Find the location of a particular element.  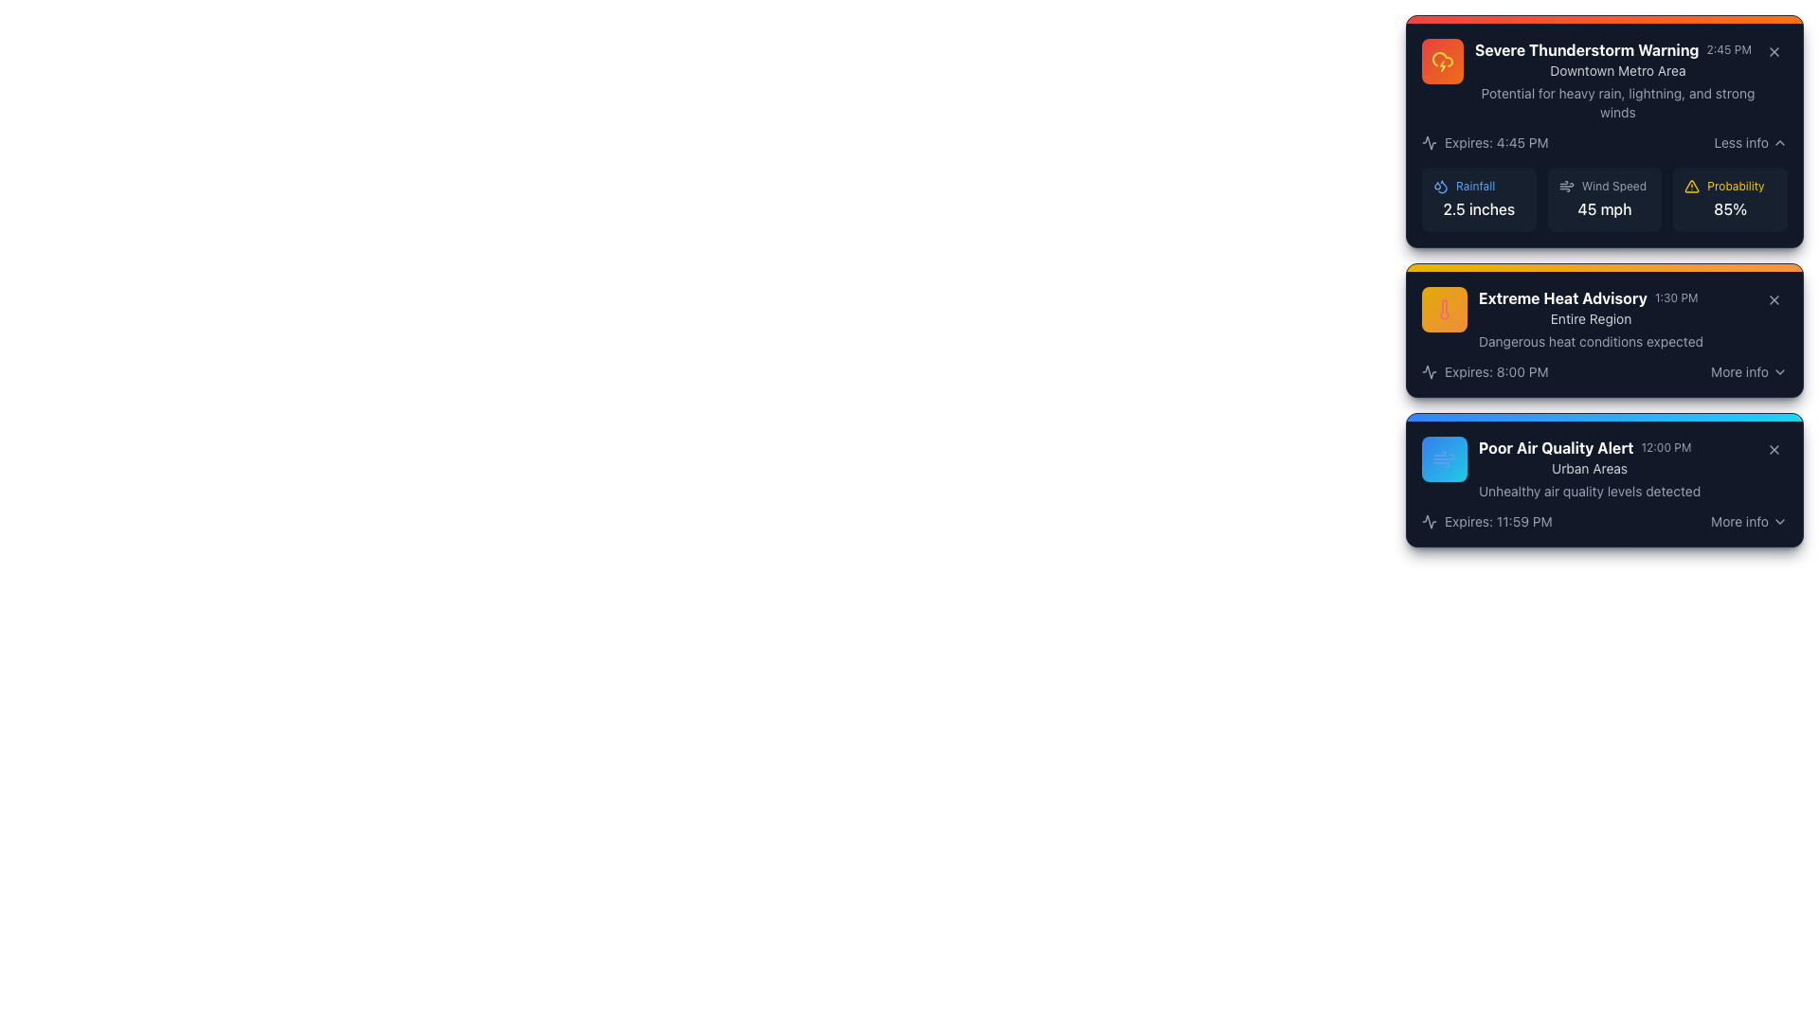

the cloud-shaped icon with a lightning bolt embedded in it, which is yellow in color and located next to the heading 'Severe Thunderstorm Warning' in the top card of the stacked interface is located at coordinates (1441, 58).